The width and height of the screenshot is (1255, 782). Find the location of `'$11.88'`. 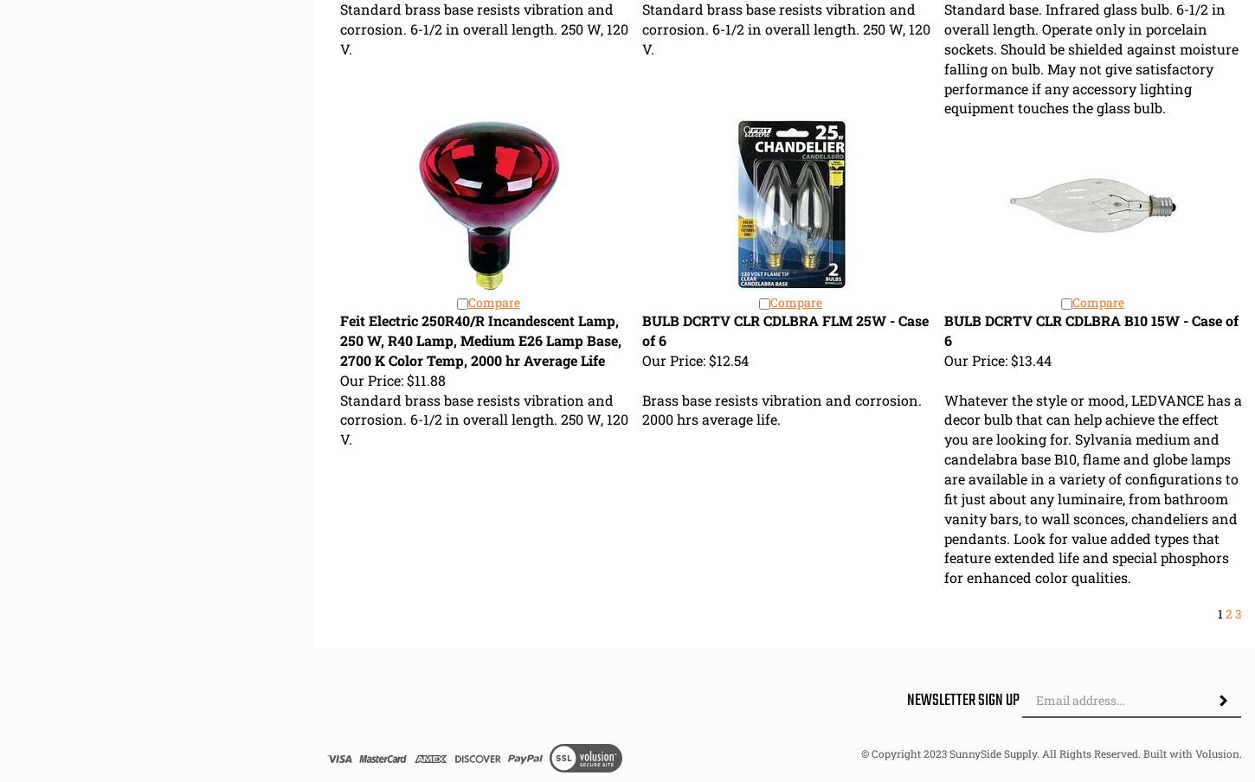

'$11.88' is located at coordinates (402, 379).